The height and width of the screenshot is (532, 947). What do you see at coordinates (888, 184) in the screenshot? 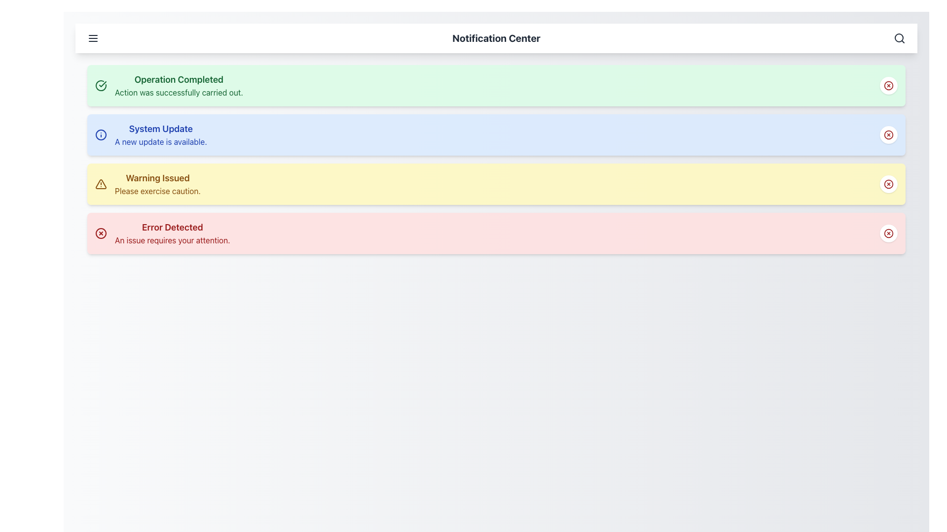
I see `the circular button with a white background located at the rightmost end of the 'Warning Issued' notification` at bounding box center [888, 184].